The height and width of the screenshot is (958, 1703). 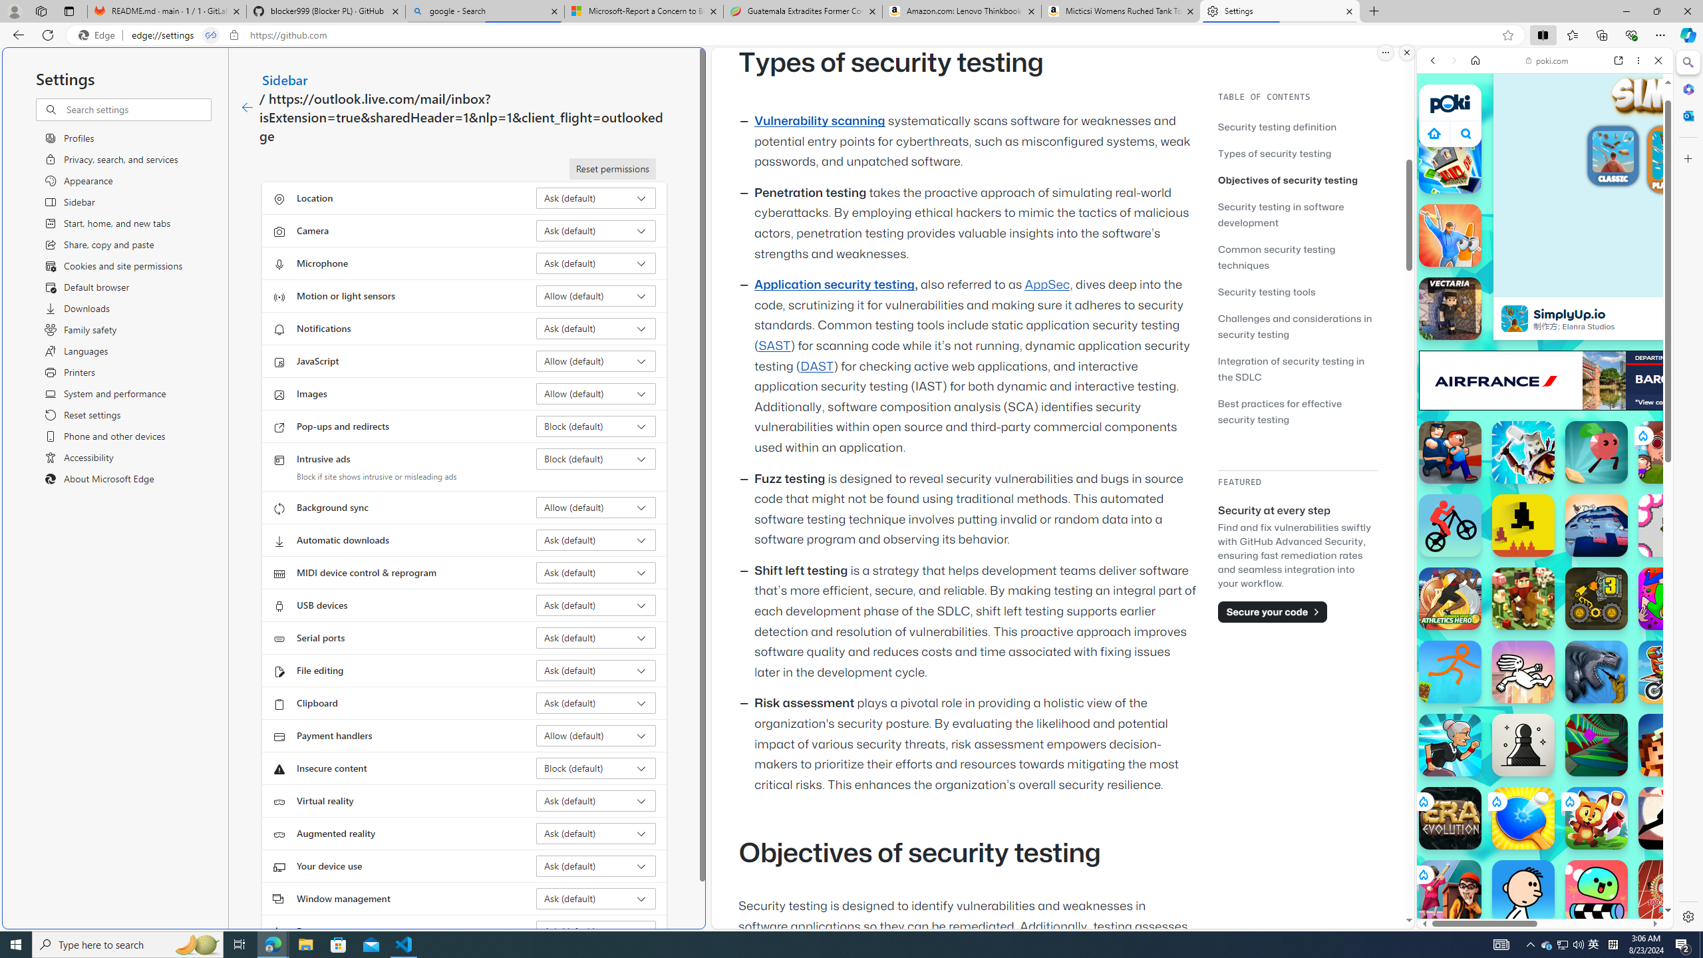 What do you see at coordinates (1670, 599) in the screenshot?
I see `'JollyWorld JollyWorld'` at bounding box center [1670, 599].